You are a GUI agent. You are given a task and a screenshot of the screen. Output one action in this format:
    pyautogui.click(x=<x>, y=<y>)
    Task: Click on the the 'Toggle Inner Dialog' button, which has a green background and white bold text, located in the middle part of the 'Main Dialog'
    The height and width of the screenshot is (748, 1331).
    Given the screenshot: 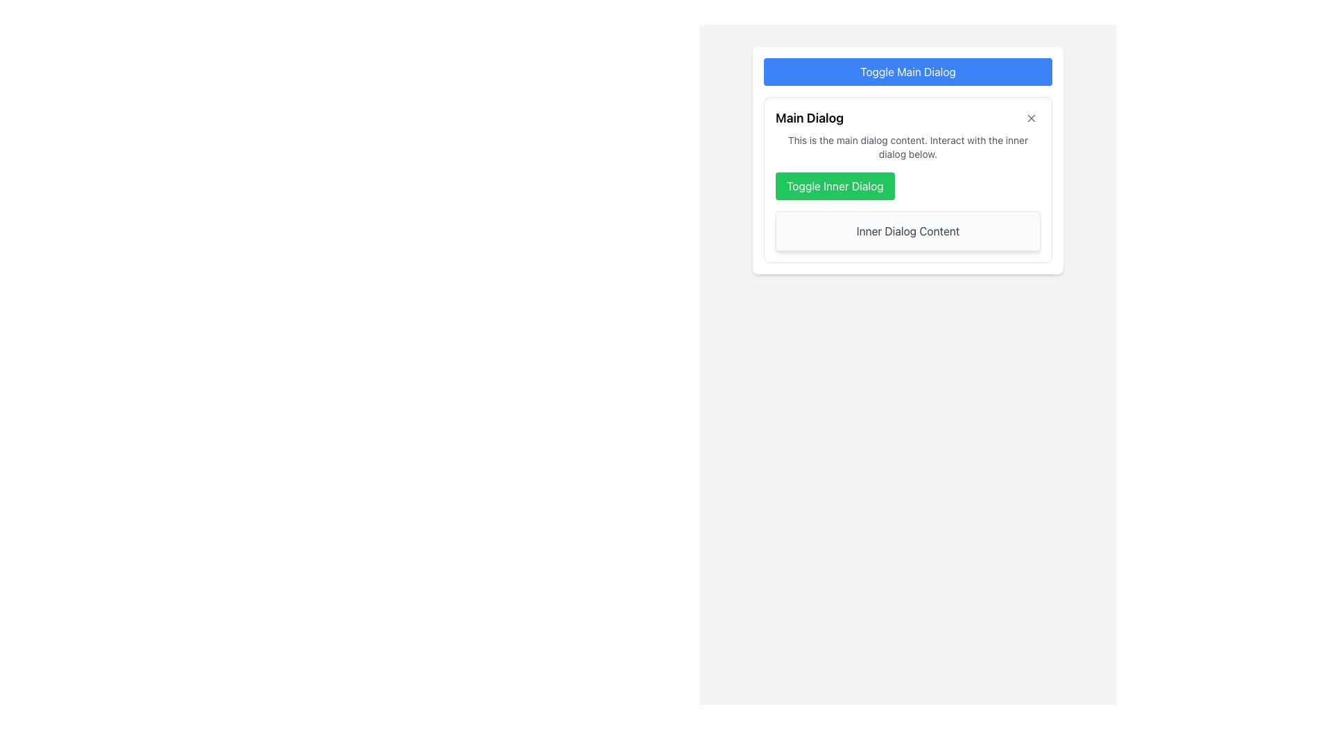 What is the action you would take?
    pyautogui.click(x=834, y=186)
    